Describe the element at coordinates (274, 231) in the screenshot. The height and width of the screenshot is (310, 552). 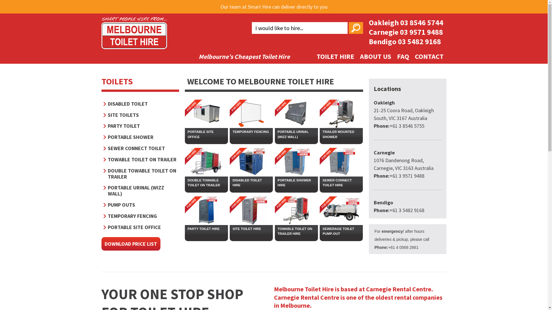
I see `'TOWABLE TOILET ON TRAILER HIRE'` at that location.